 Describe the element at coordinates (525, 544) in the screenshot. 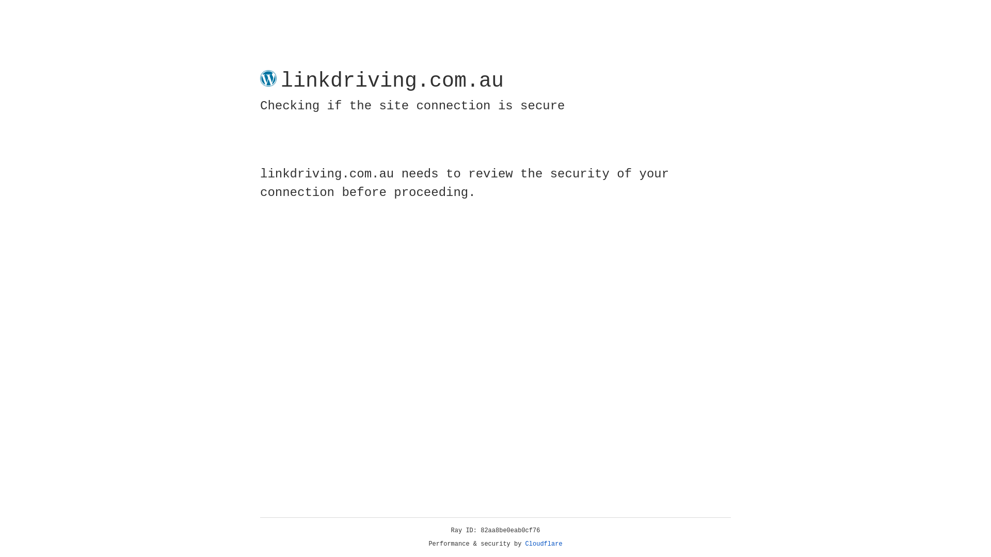

I see `'Cloudflare'` at that location.